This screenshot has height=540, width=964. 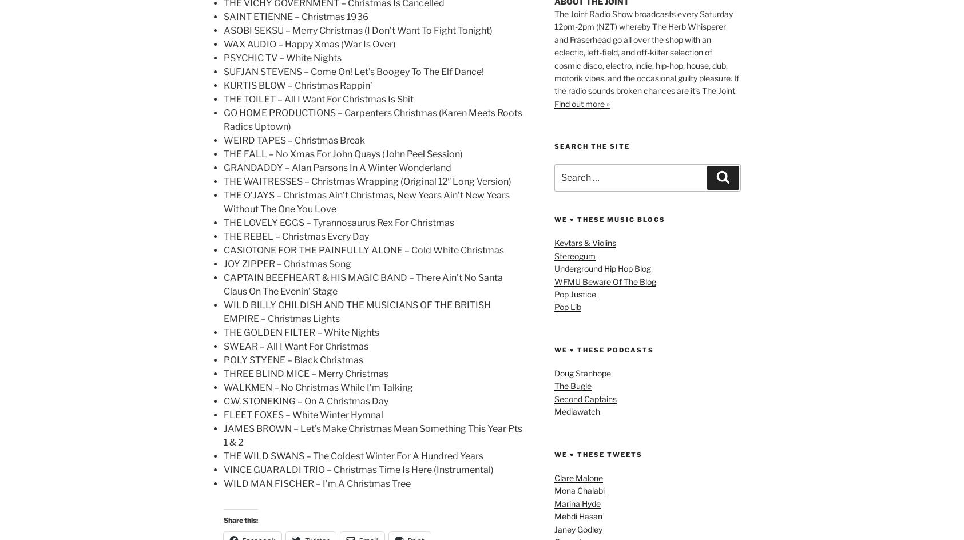 I want to click on 'VINCE GUARALDI TRIO – Christmas Time Is Here (Instrumental)', so click(x=358, y=469).